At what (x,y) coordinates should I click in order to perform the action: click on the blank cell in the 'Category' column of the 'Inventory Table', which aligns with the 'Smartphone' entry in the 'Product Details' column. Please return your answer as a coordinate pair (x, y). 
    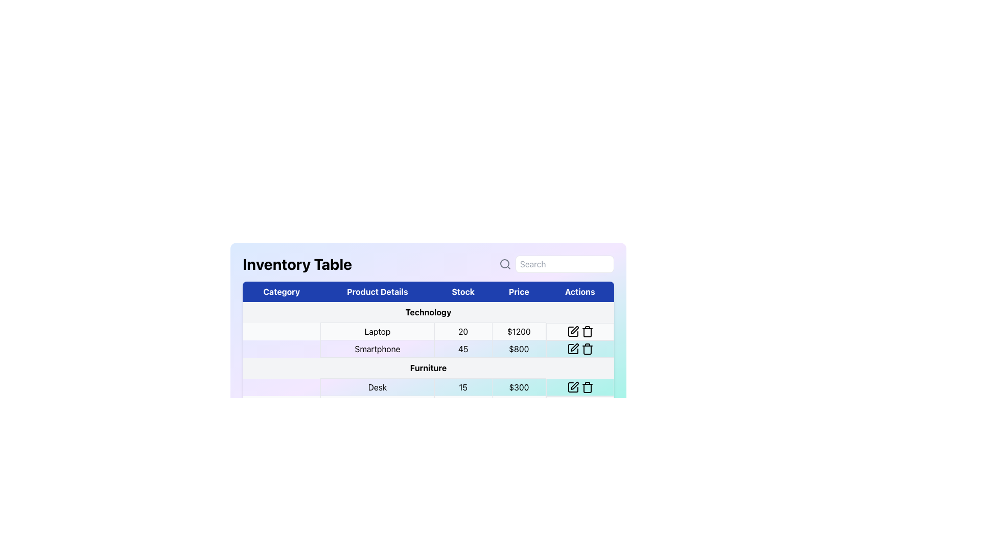
    Looking at the image, I should click on (282, 348).